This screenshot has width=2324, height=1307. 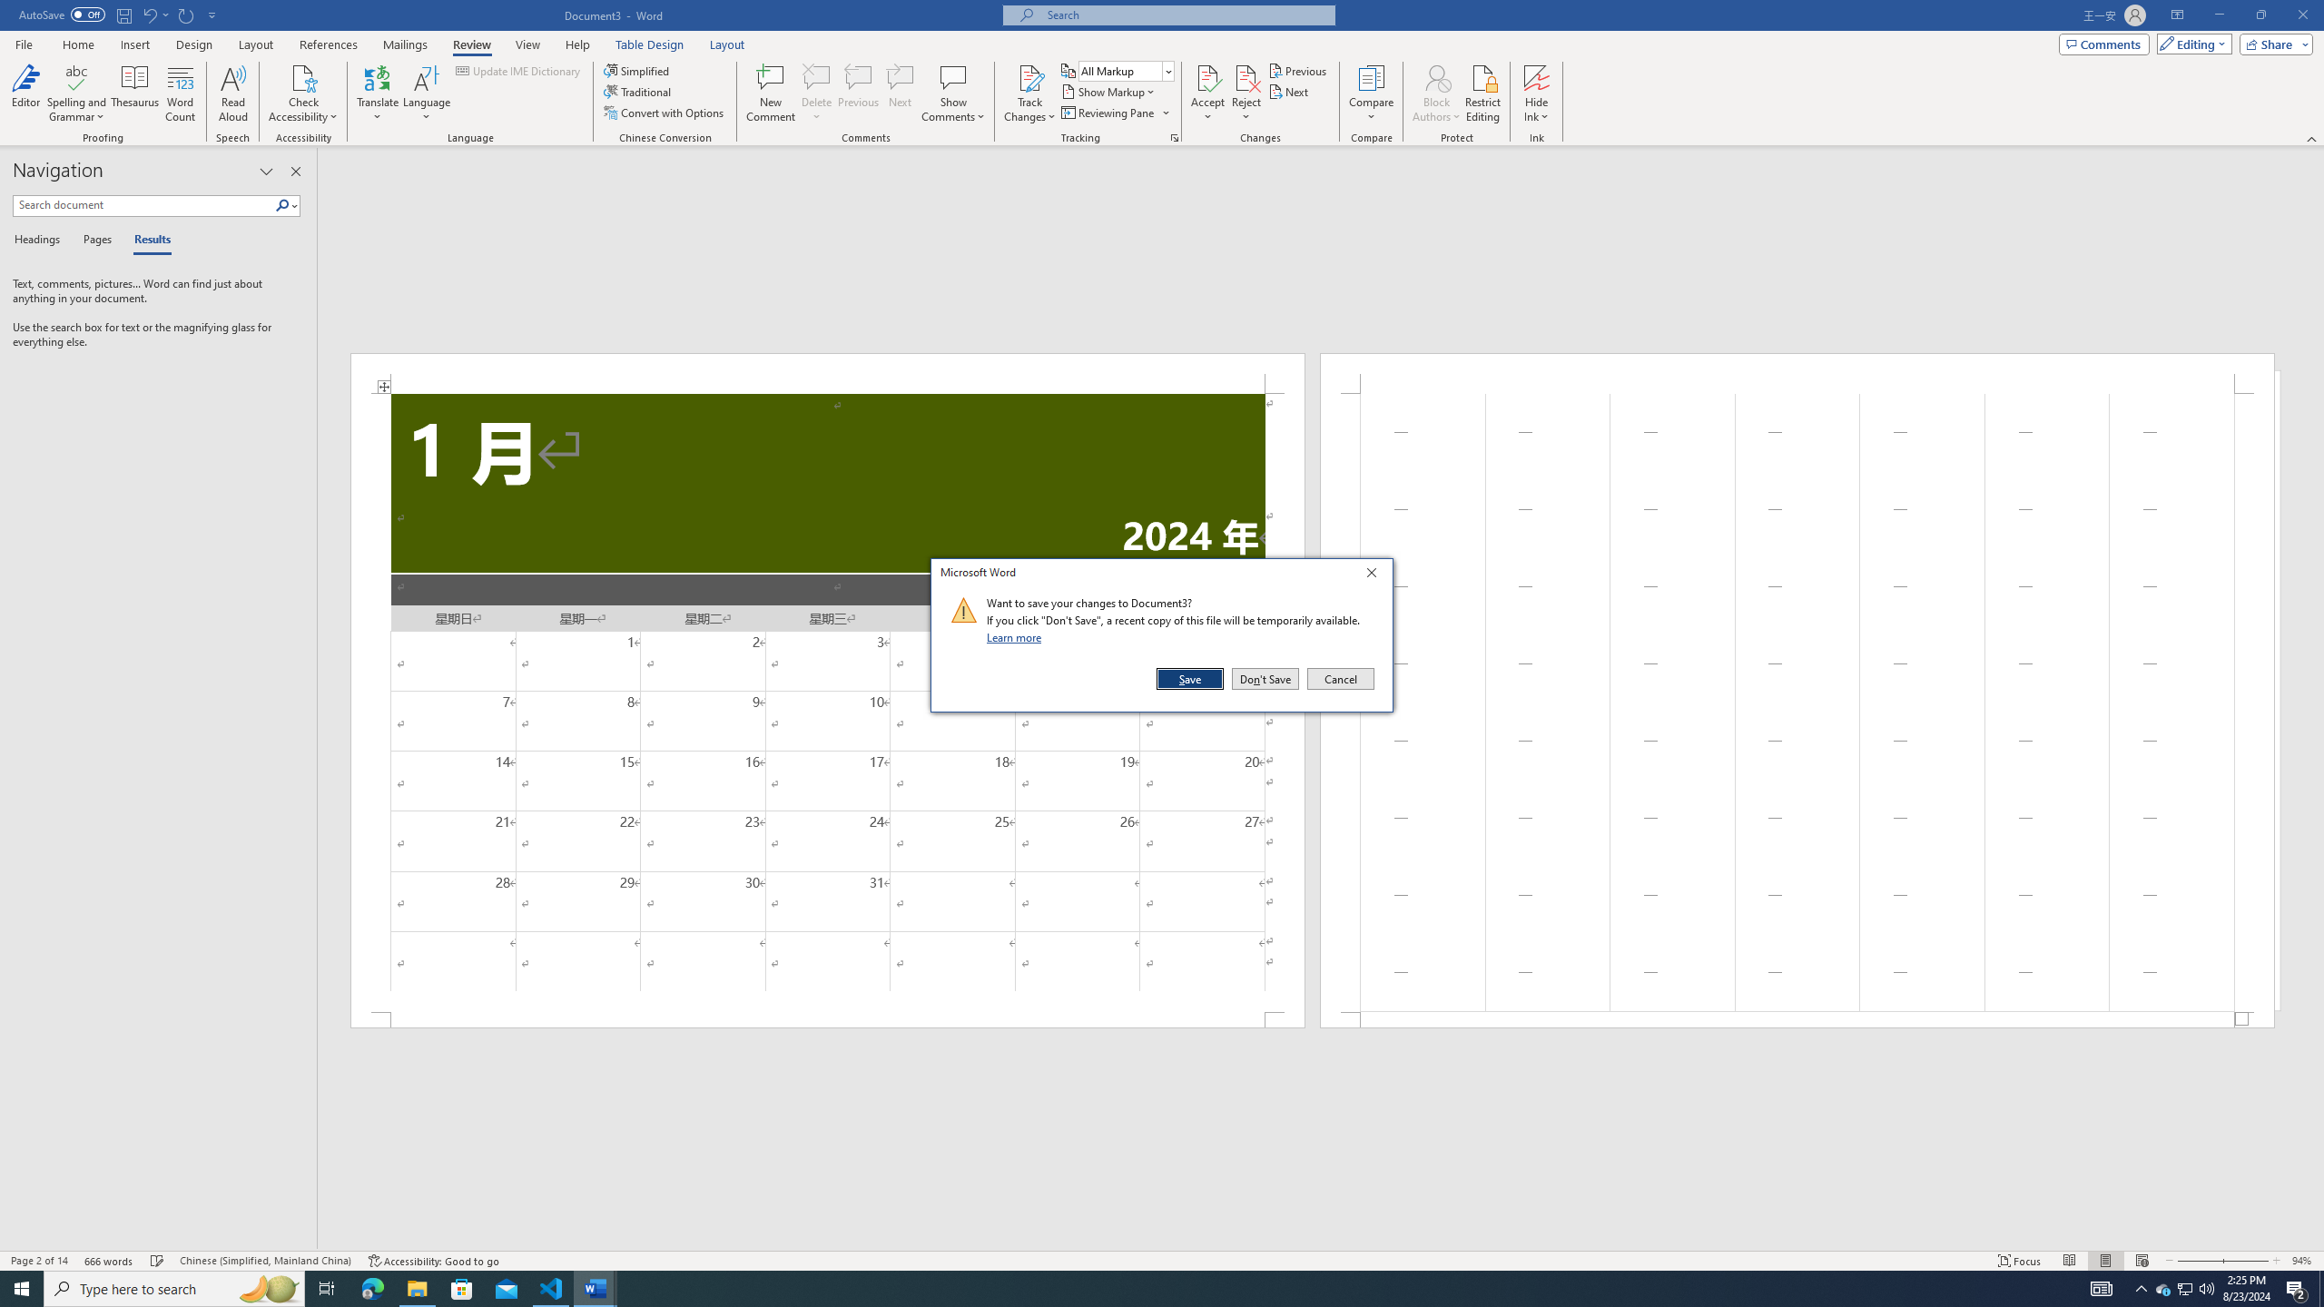 I want to click on 'Comments', so click(x=2104, y=43).